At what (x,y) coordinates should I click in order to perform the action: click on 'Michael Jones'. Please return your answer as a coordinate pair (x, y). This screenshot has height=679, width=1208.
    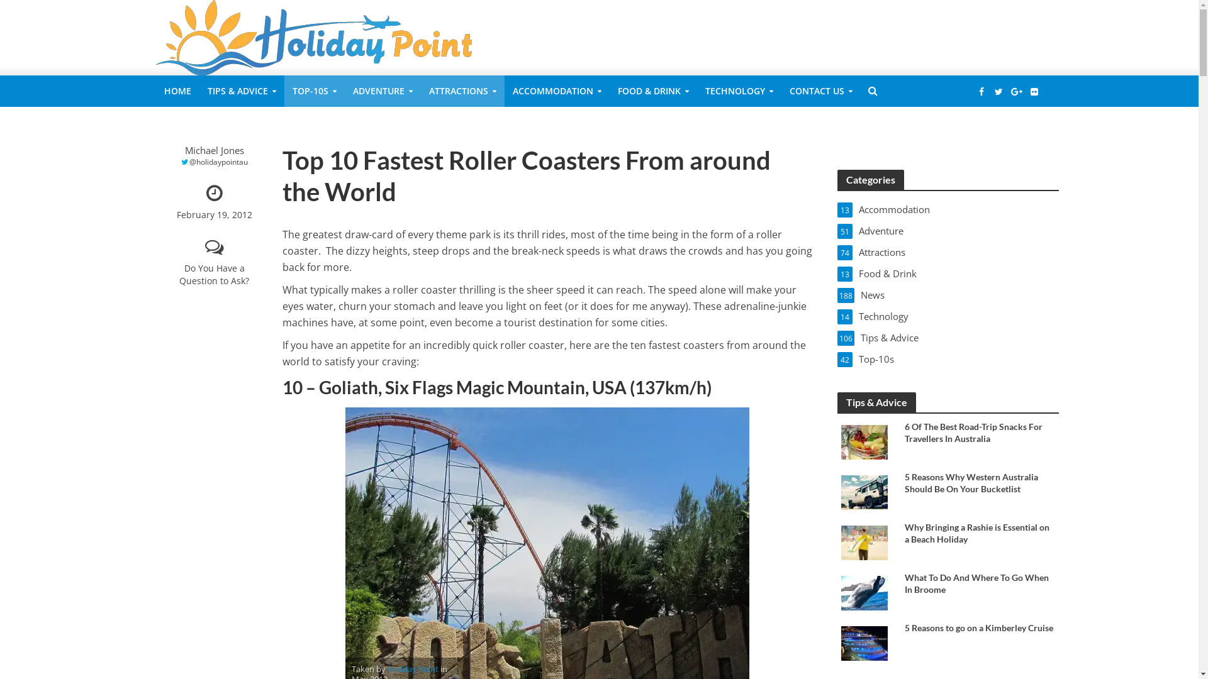
    Looking at the image, I should click on (214, 150).